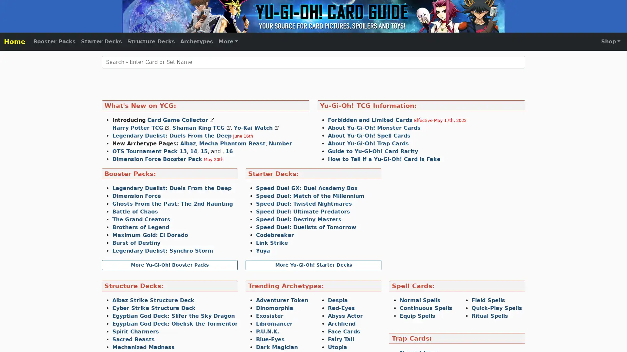 Image resolution: width=627 pixels, height=352 pixels. Describe the element at coordinates (228, 41) in the screenshot. I see `More` at that location.